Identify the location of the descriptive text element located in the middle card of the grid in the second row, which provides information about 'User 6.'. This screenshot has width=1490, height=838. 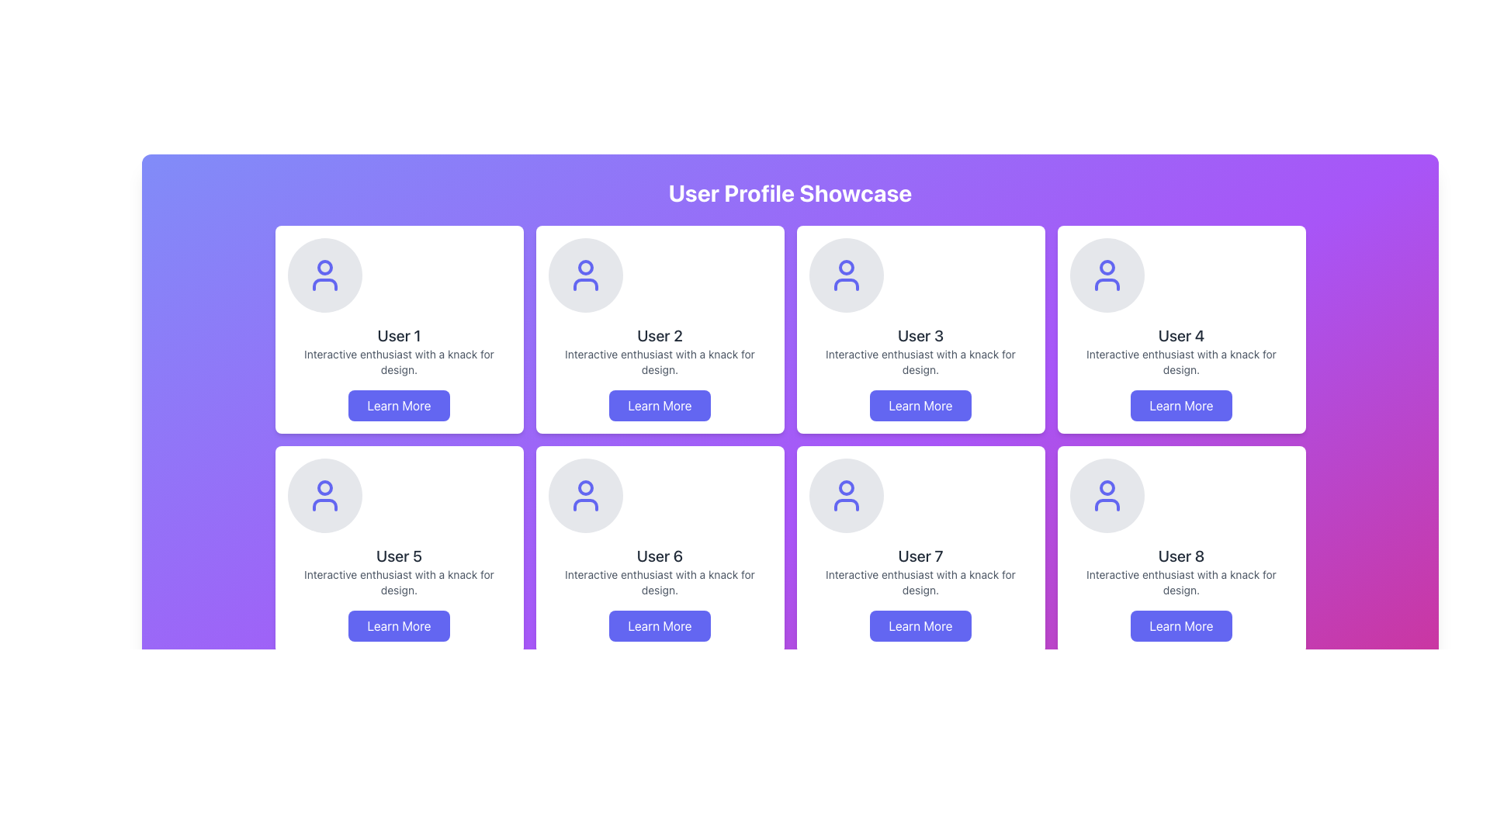
(660, 583).